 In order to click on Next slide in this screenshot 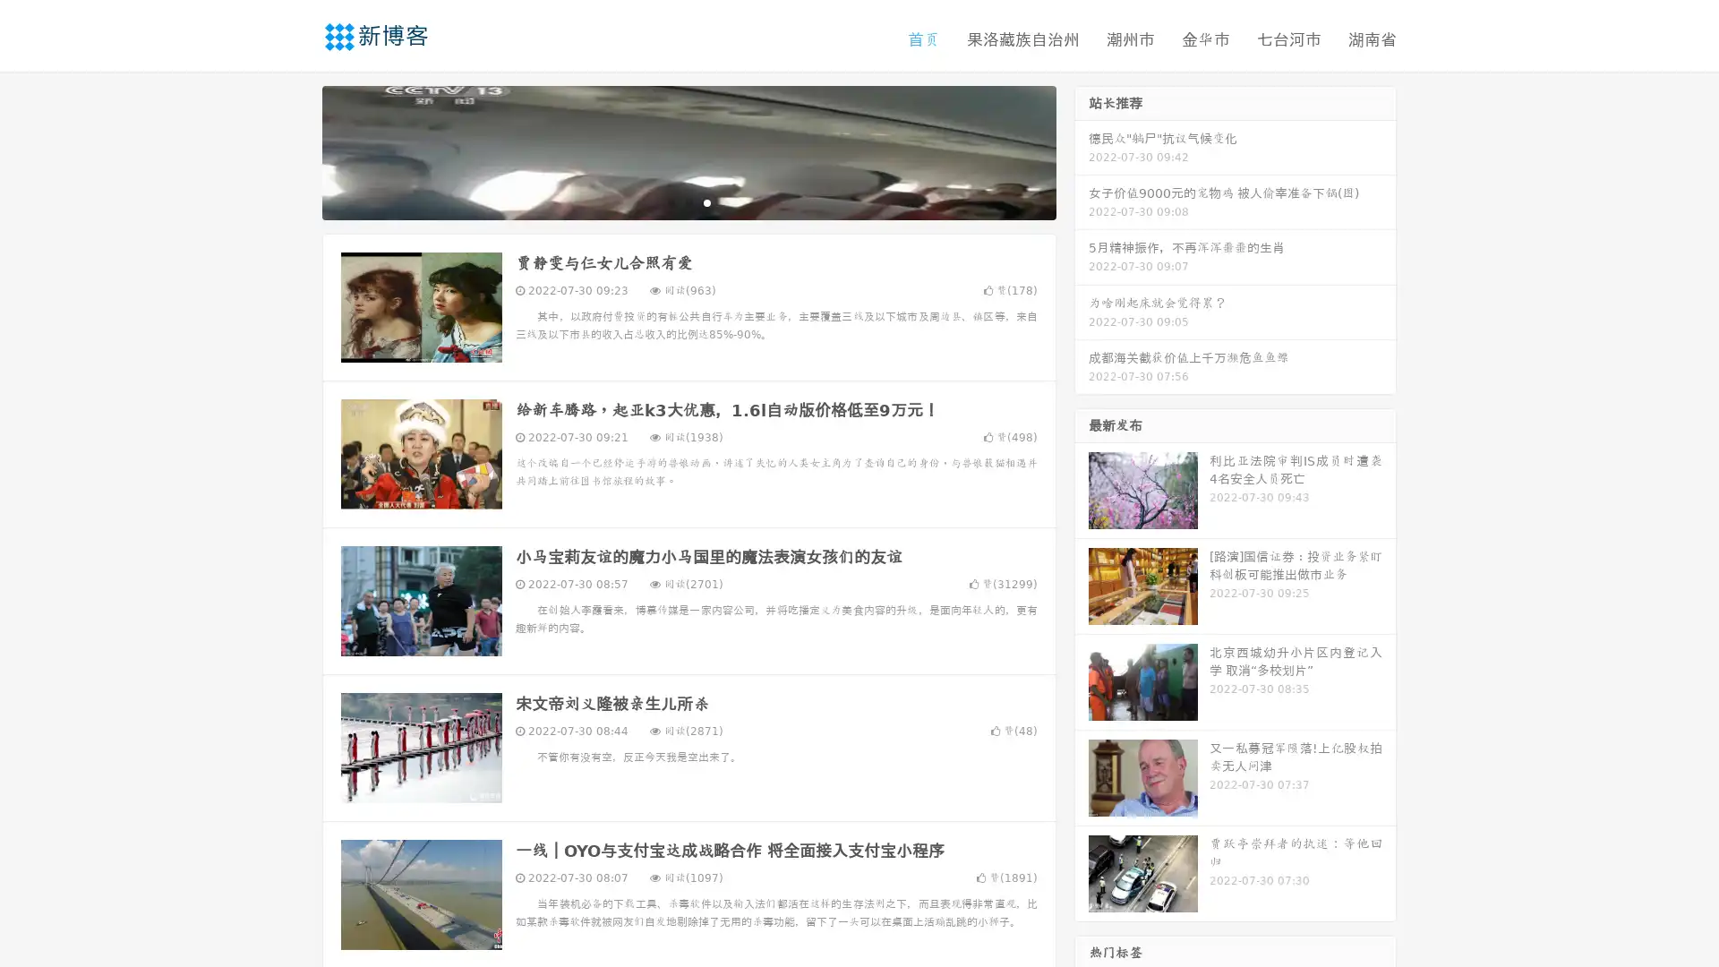, I will do `click(1082, 150)`.